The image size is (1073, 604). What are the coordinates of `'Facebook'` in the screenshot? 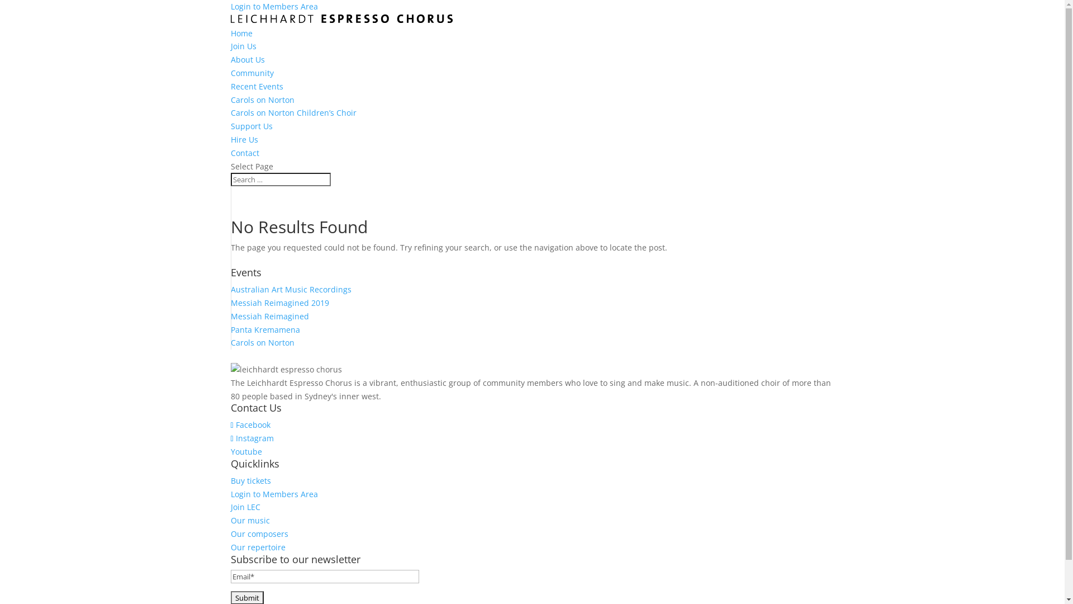 It's located at (249, 424).